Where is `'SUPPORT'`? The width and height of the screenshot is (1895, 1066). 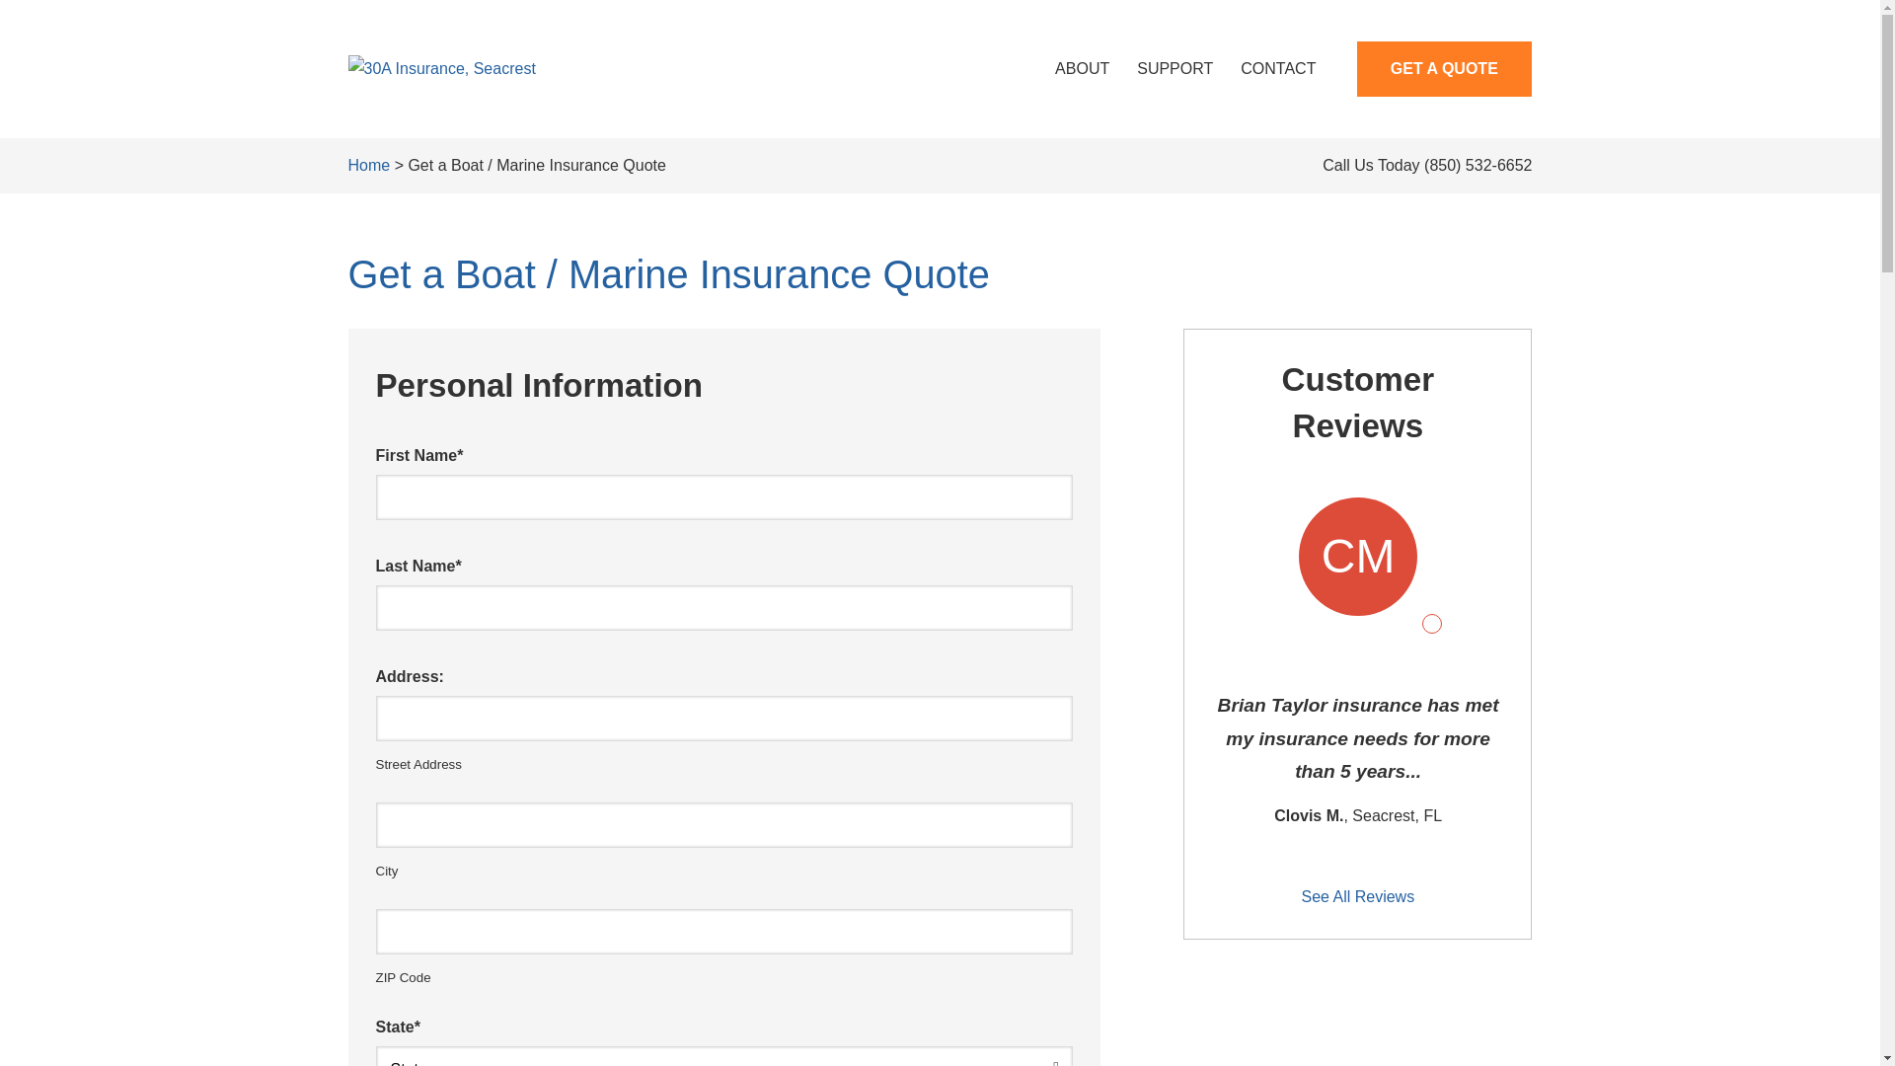
'SUPPORT' is located at coordinates (1175, 67).